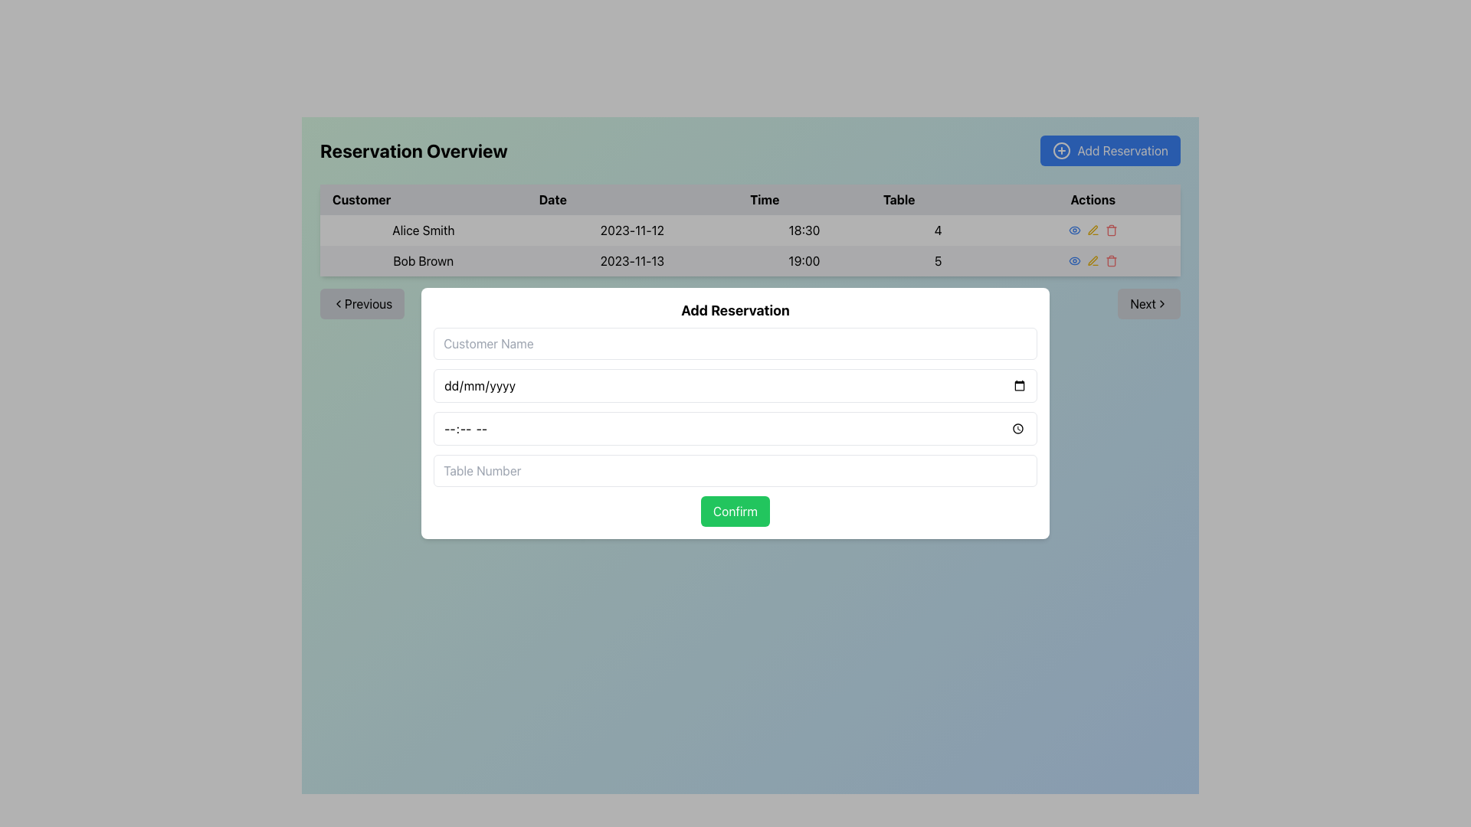 The height and width of the screenshot is (827, 1471). Describe the element at coordinates (735, 511) in the screenshot. I see `the submit button located at the bottom-right of the reservation form to finalize the addition of a new reservation` at that location.